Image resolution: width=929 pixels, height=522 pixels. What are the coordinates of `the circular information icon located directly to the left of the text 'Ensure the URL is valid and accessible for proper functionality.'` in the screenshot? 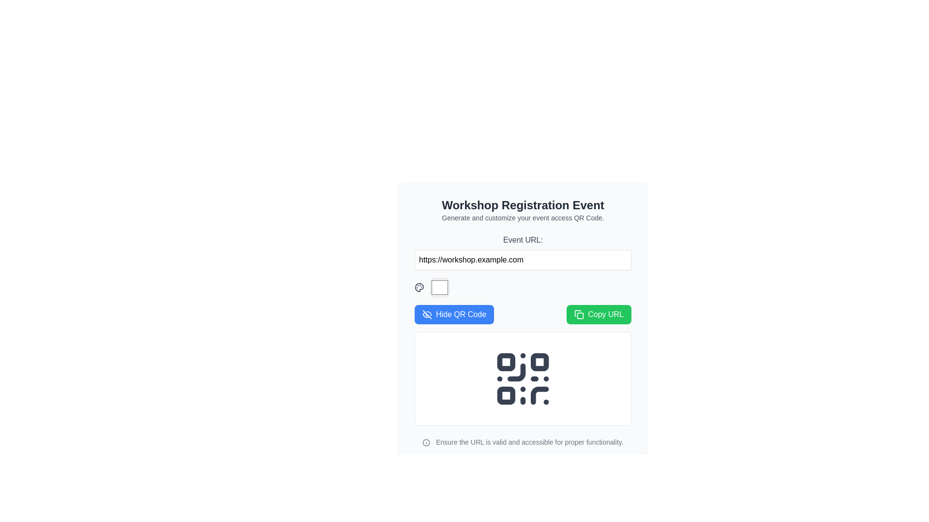 It's located at (426, 443).